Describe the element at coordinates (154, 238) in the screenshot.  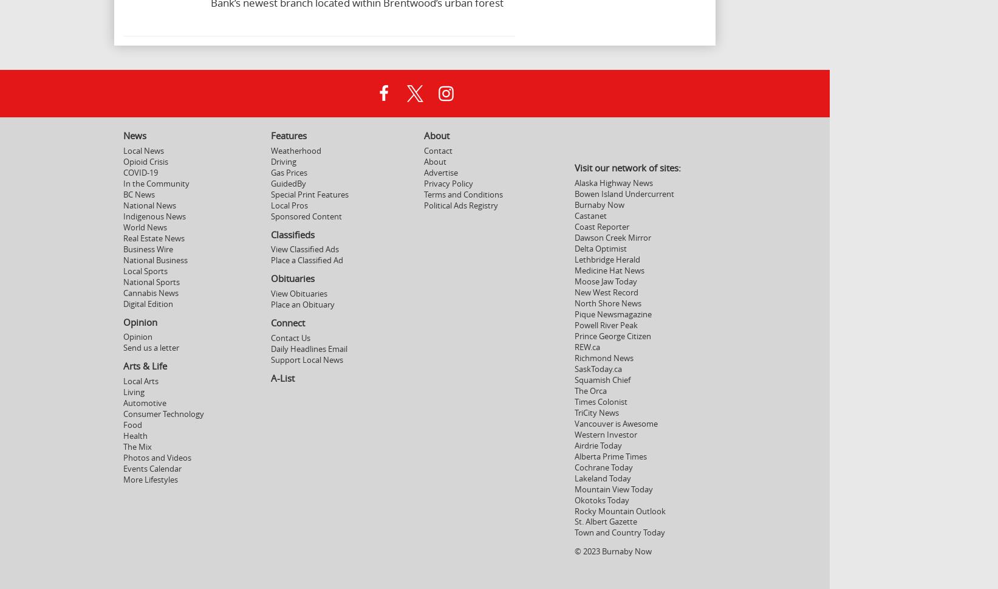
I see `'Real Estate News'` at that location.